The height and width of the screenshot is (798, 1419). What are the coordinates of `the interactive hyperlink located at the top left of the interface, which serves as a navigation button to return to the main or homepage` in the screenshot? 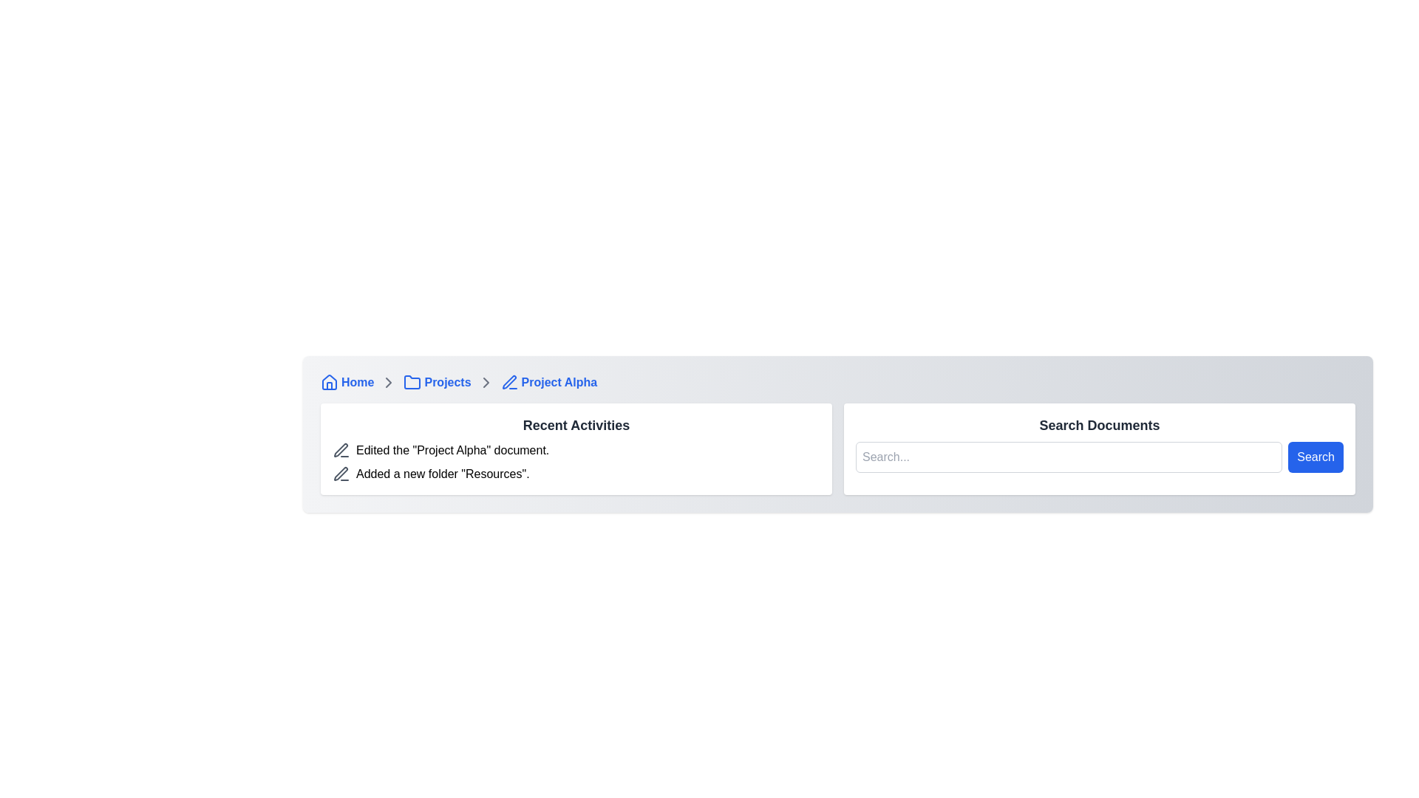 It's located at (347, 381).